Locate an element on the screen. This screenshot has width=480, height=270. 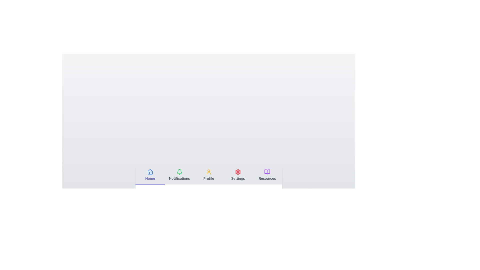
the yellow user icon located in the center of the 'Profile' section of the navigation bar is located at coordinates (209, 171).